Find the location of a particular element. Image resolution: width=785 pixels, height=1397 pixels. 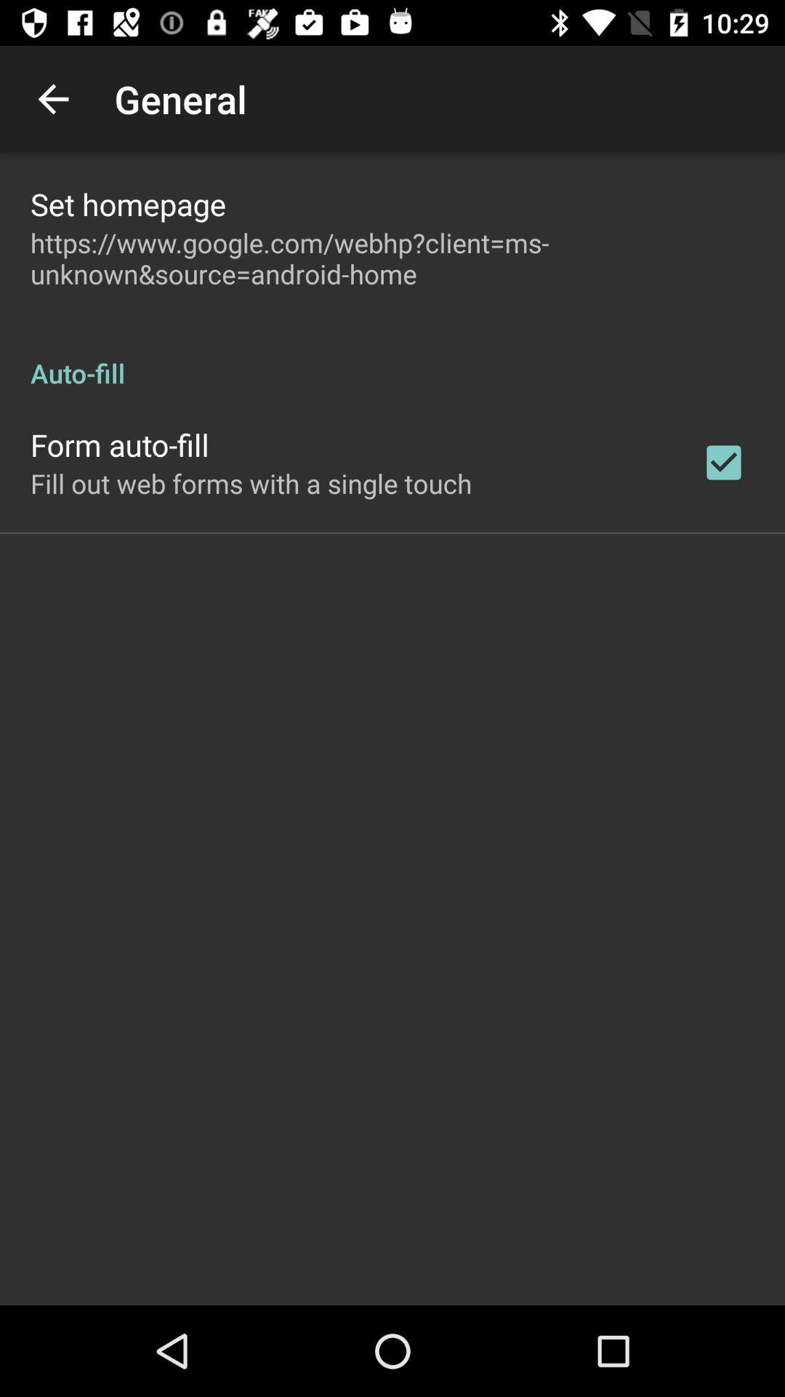

the fill out web app is located at coordinates (250, 483).